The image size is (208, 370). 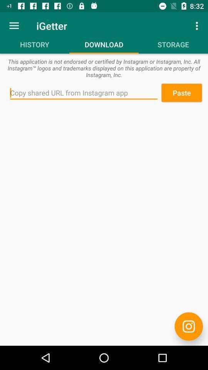 I want to click on the icon above the storage icon, so click(x=198, y=25).